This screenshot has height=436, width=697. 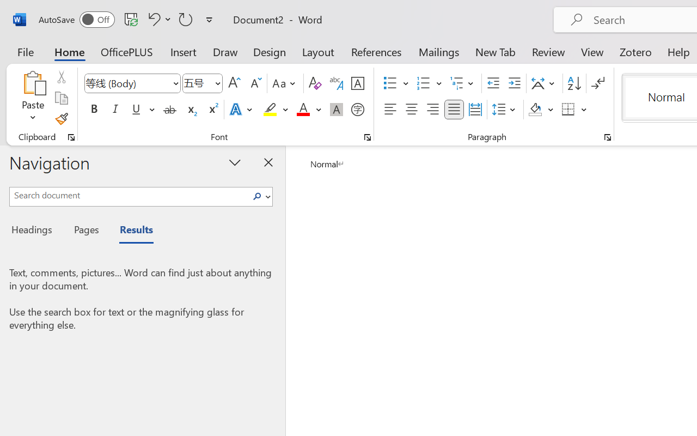 I want to click on 'Layout', so click(x=317, y=51).